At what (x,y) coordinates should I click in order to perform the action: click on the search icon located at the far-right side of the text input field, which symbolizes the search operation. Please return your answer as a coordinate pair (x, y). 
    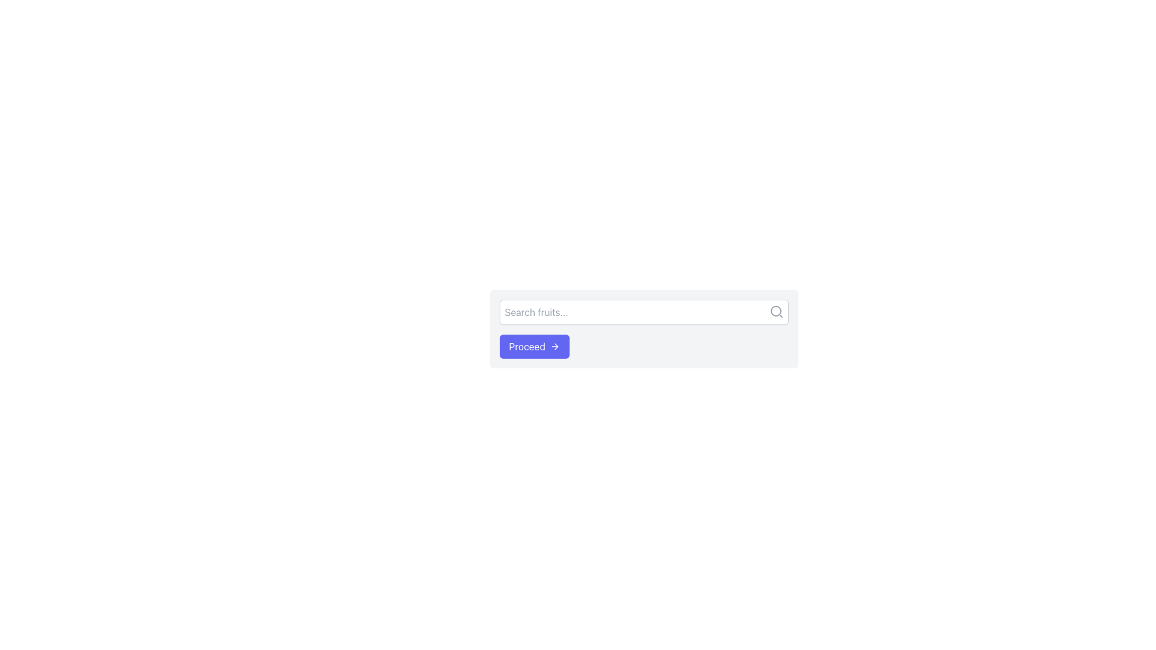
    Looking at the image, I should click on (776, 311).